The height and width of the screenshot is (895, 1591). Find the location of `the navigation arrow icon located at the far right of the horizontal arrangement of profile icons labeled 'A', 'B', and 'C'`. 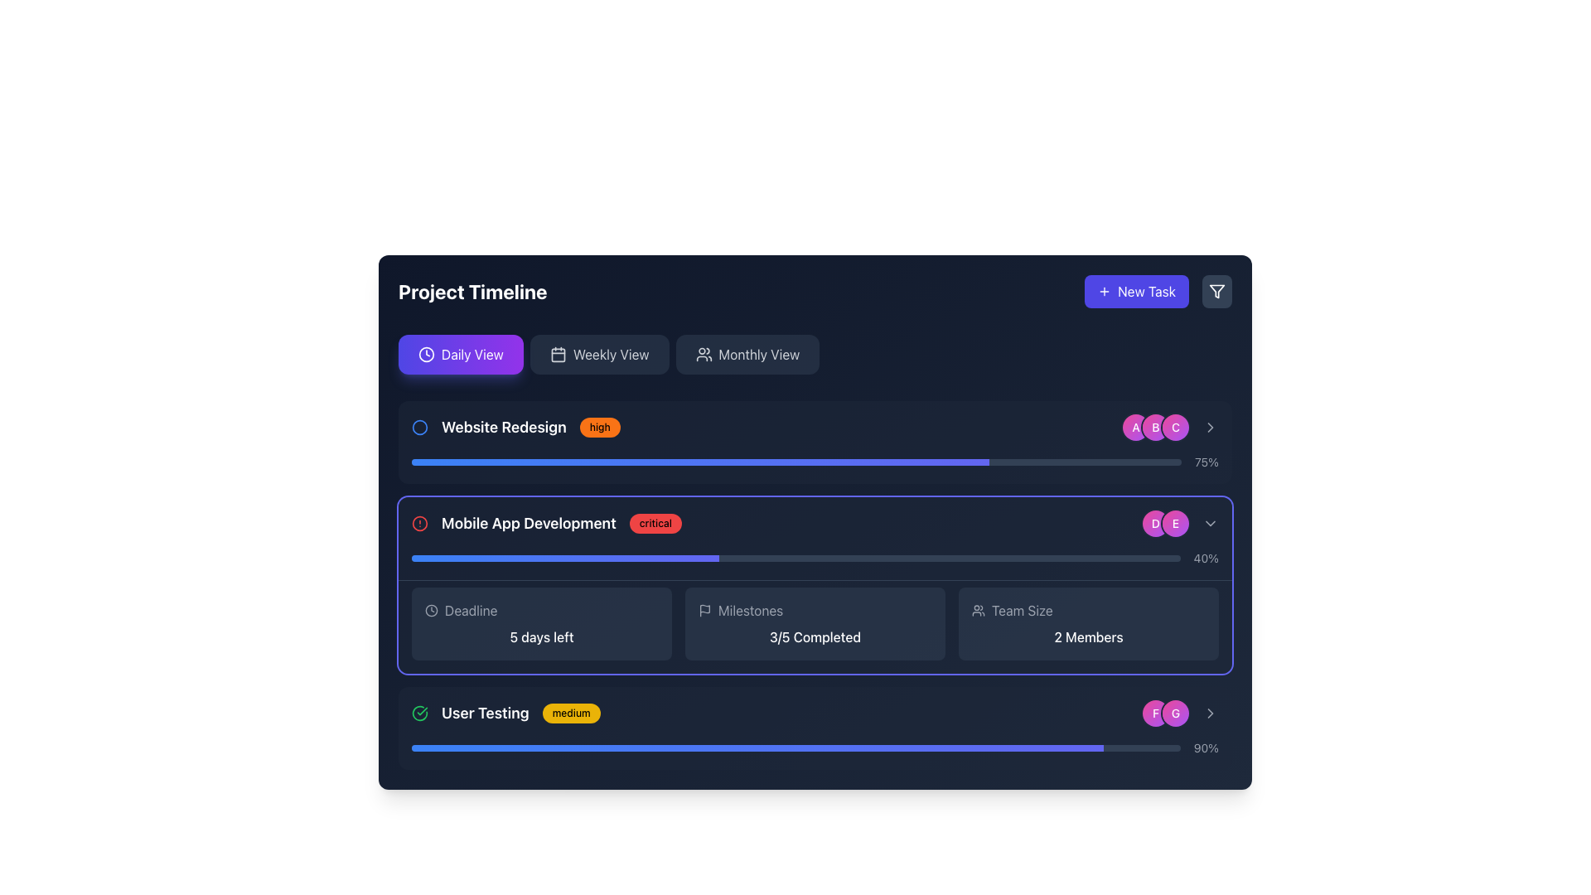

the navigation arrow icon located at the far right of the horizontal arrangement of profile icons labeled 'A', 'B', and 'C' is located at coordinates (1210, 427).